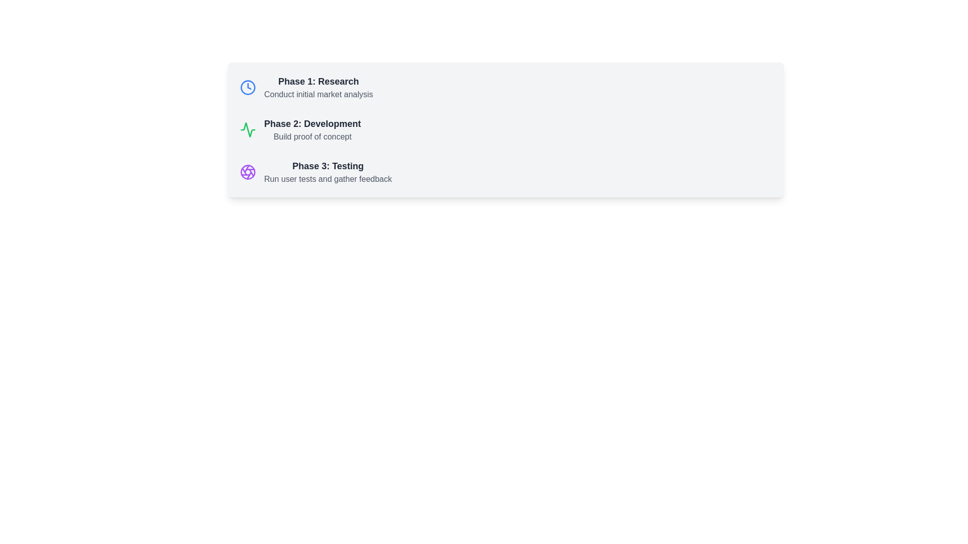 This screenshot has width=968, height=544. I want to click on the descriptive text element located beneath the title 'Phase 3: Testing', which guides users on the expected actions during this phase, so click(328, 178).